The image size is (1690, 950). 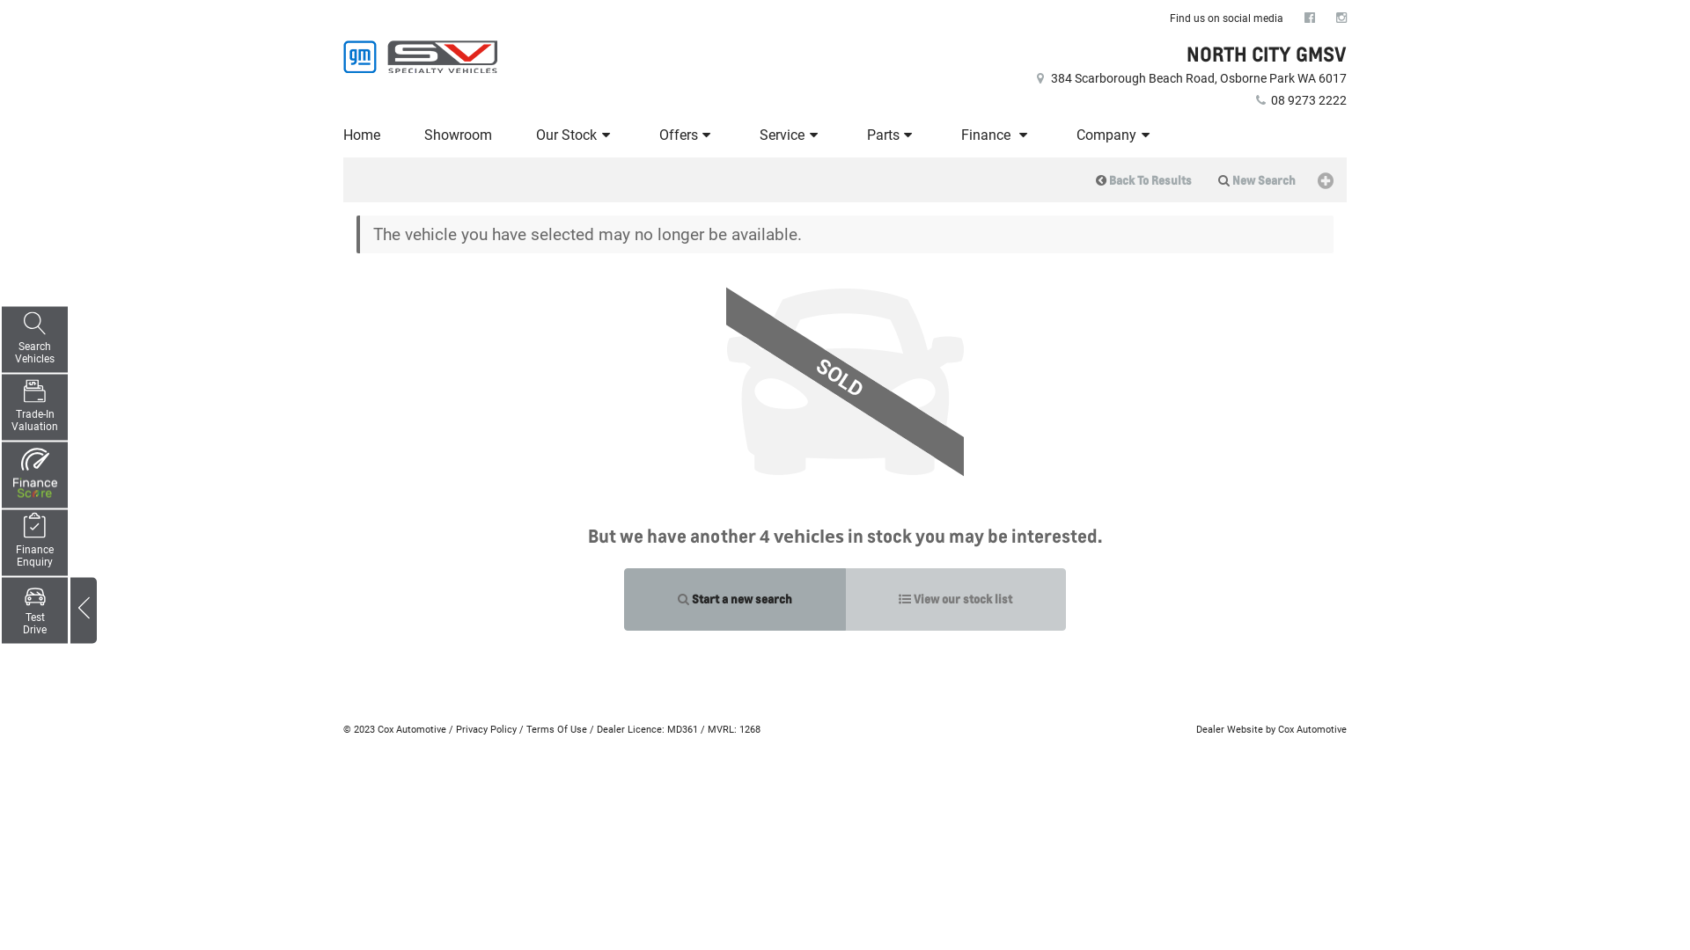 What do you see at coordinates (34, 542) in the screenshot?
I see `'Finance` at bounding box center [34, 542].